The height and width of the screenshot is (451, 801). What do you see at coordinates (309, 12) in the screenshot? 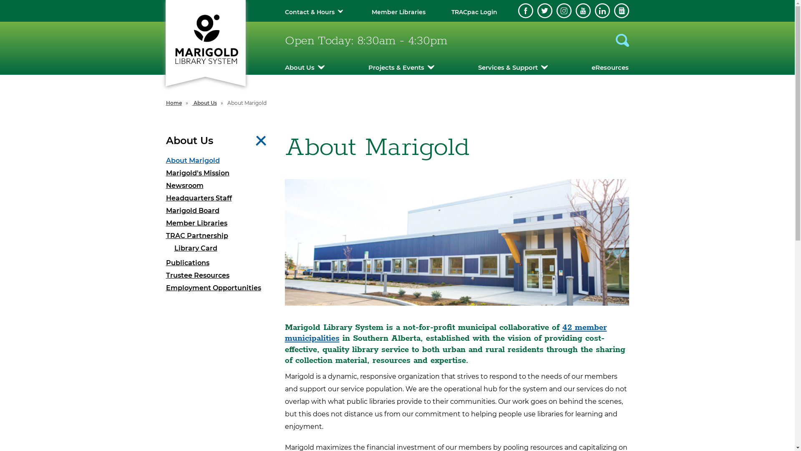
I see `'Contact & Hours'` at bounding box center [309, 12].